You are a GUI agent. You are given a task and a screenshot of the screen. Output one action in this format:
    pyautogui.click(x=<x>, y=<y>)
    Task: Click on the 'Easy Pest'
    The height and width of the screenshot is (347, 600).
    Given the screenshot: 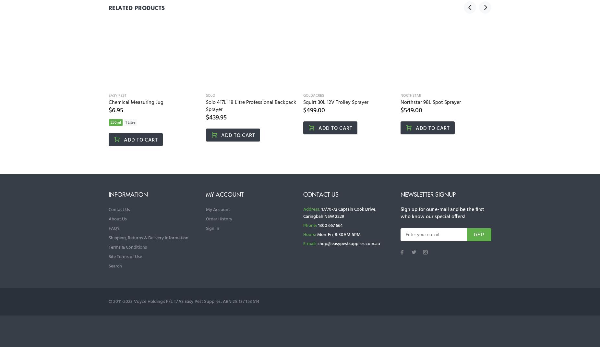 What is the action you would take?
    pyautogui.click(x=117, y=95)
    